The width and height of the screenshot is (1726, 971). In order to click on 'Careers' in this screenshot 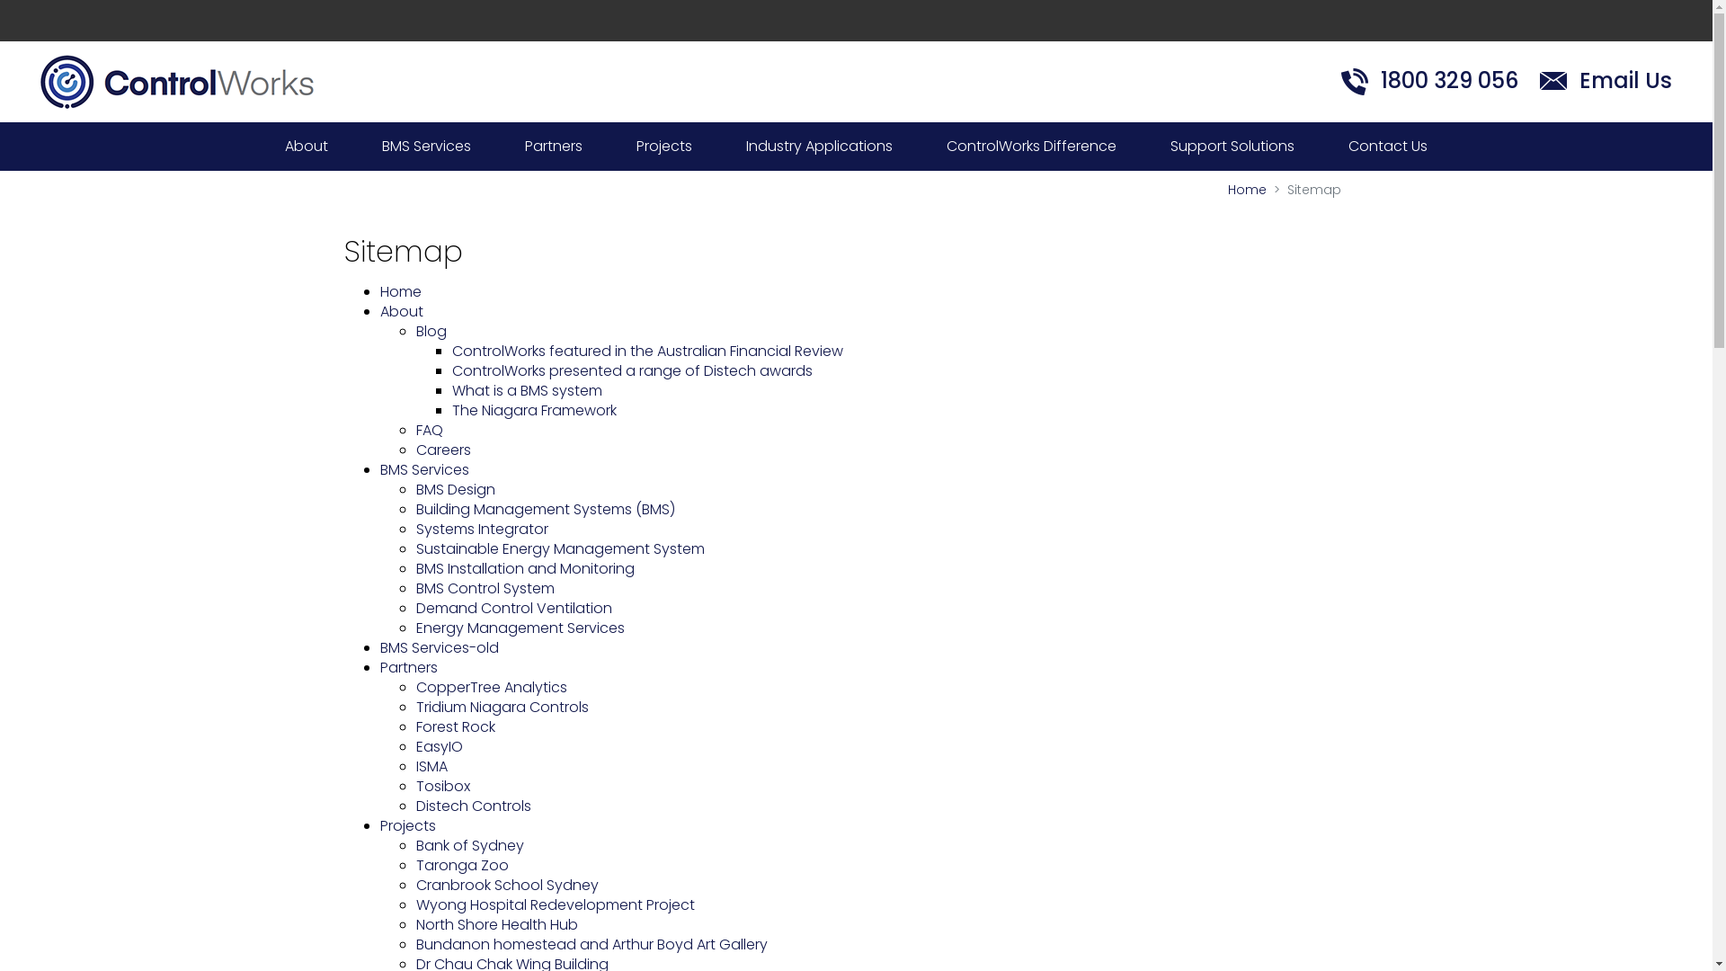, I will do `click(442, 449)`.